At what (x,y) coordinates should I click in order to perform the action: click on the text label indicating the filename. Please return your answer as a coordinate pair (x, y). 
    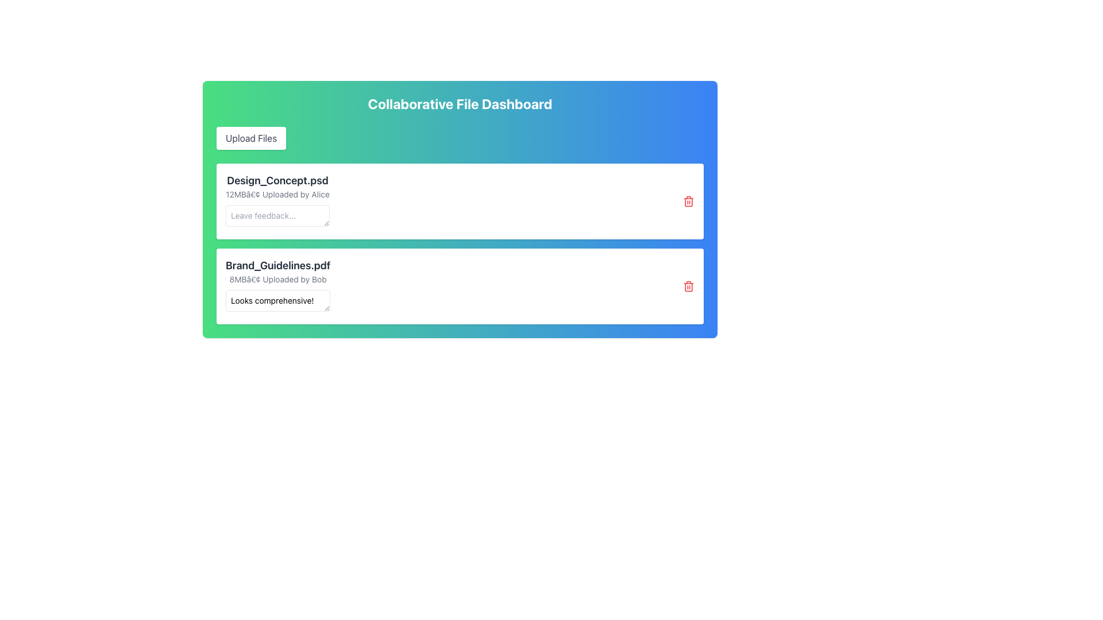
    Looking at the image, I should click on (278, 265).